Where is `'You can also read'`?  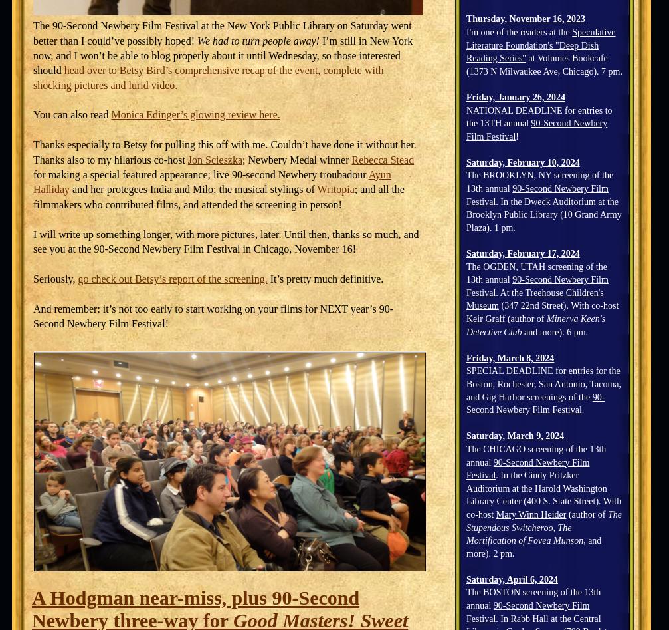
'You can also read' is located at coordinates (72, 114).